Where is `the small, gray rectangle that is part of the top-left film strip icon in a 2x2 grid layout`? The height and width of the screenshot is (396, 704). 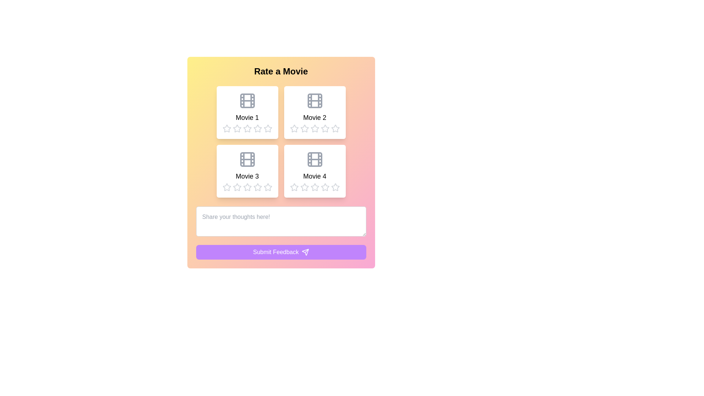 the small, gray rectangle that is part of the top-left film strip icon in a 2x2 grid layout is located at coordinates (247, 100).